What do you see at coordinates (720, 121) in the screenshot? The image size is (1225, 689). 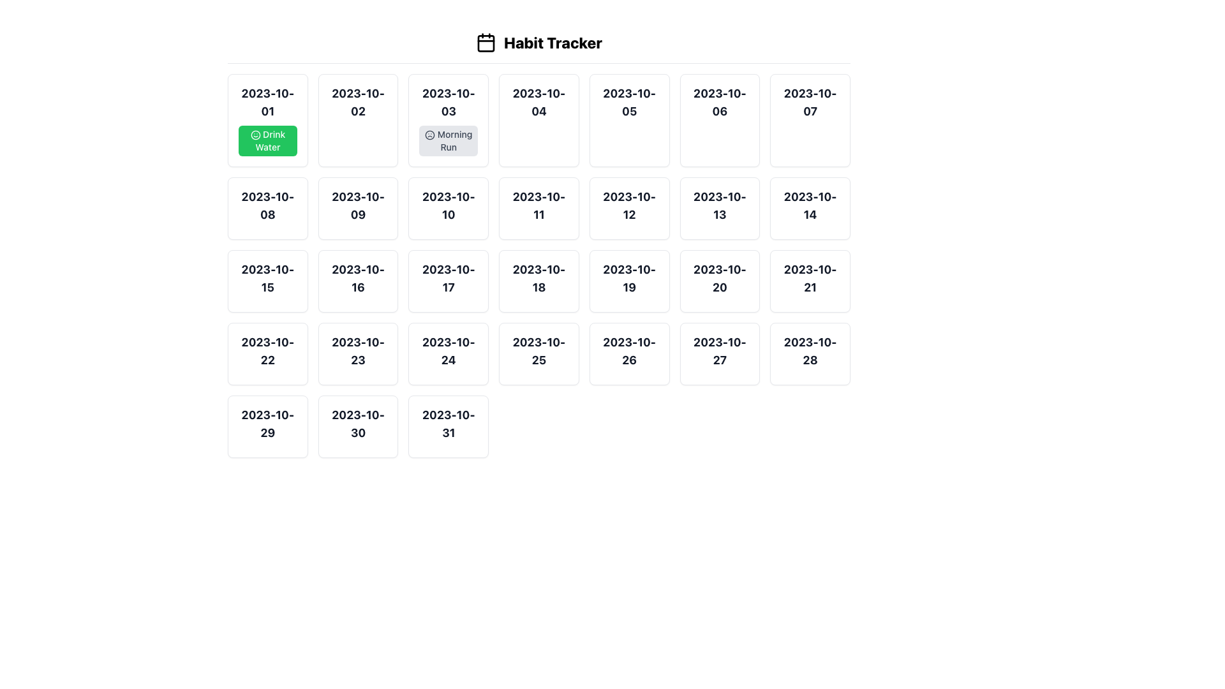 I see `the Date tile representing the date '2023-10-06' in the habit tracker calendar interface, located in the second row and fourth column` at bounding box center [720, 121].